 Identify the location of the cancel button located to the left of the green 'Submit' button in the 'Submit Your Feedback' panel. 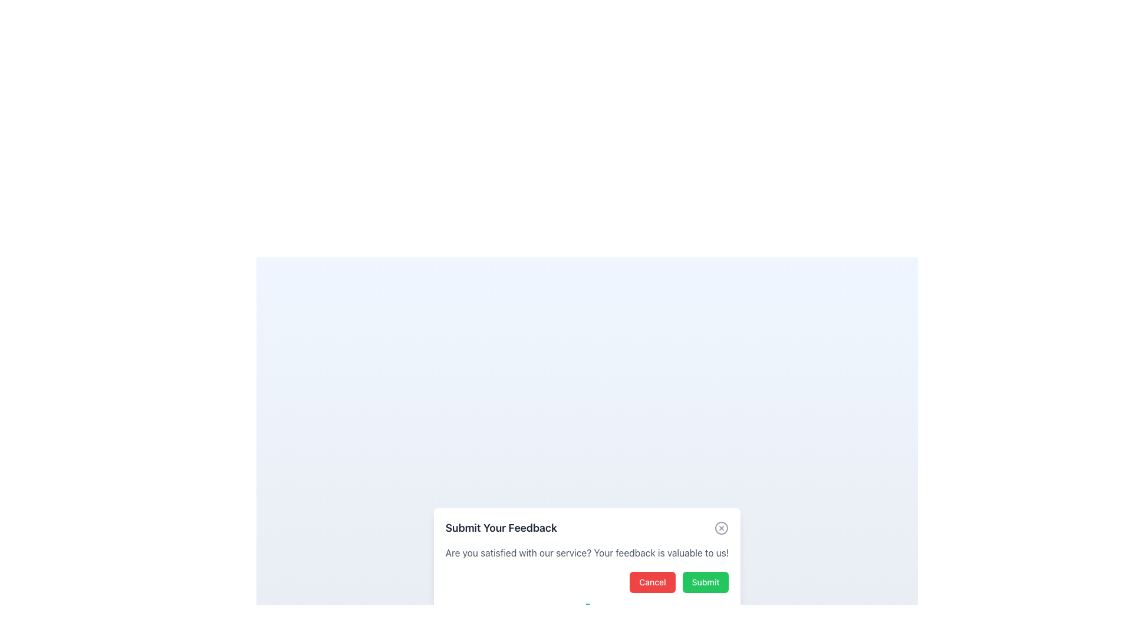
(651, 581).